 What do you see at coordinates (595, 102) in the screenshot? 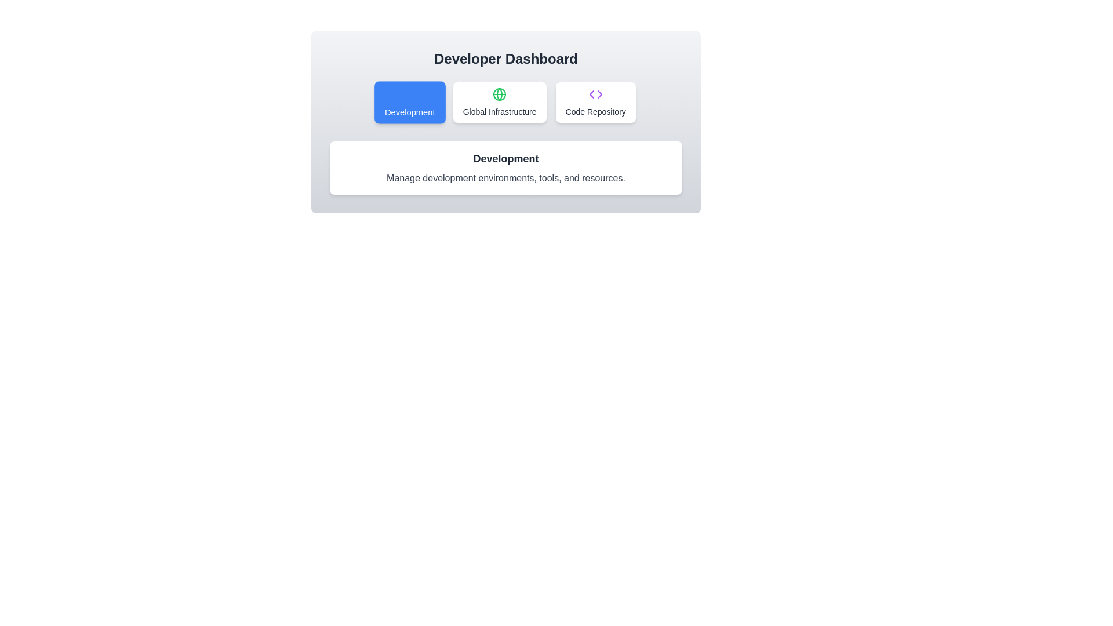
I see `the tab labeled Code Repository to view its icon and content` at bounding box center [595, 102].